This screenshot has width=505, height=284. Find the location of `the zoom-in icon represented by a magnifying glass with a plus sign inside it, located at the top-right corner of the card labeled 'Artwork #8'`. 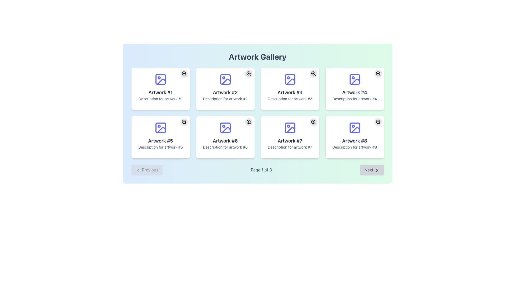

the zoom-in icon represented by a magnifying glass with a plus sign inside it, located at the top-right corner of the card labeled 'Artwork #8' is located at coordinates (378, 122).